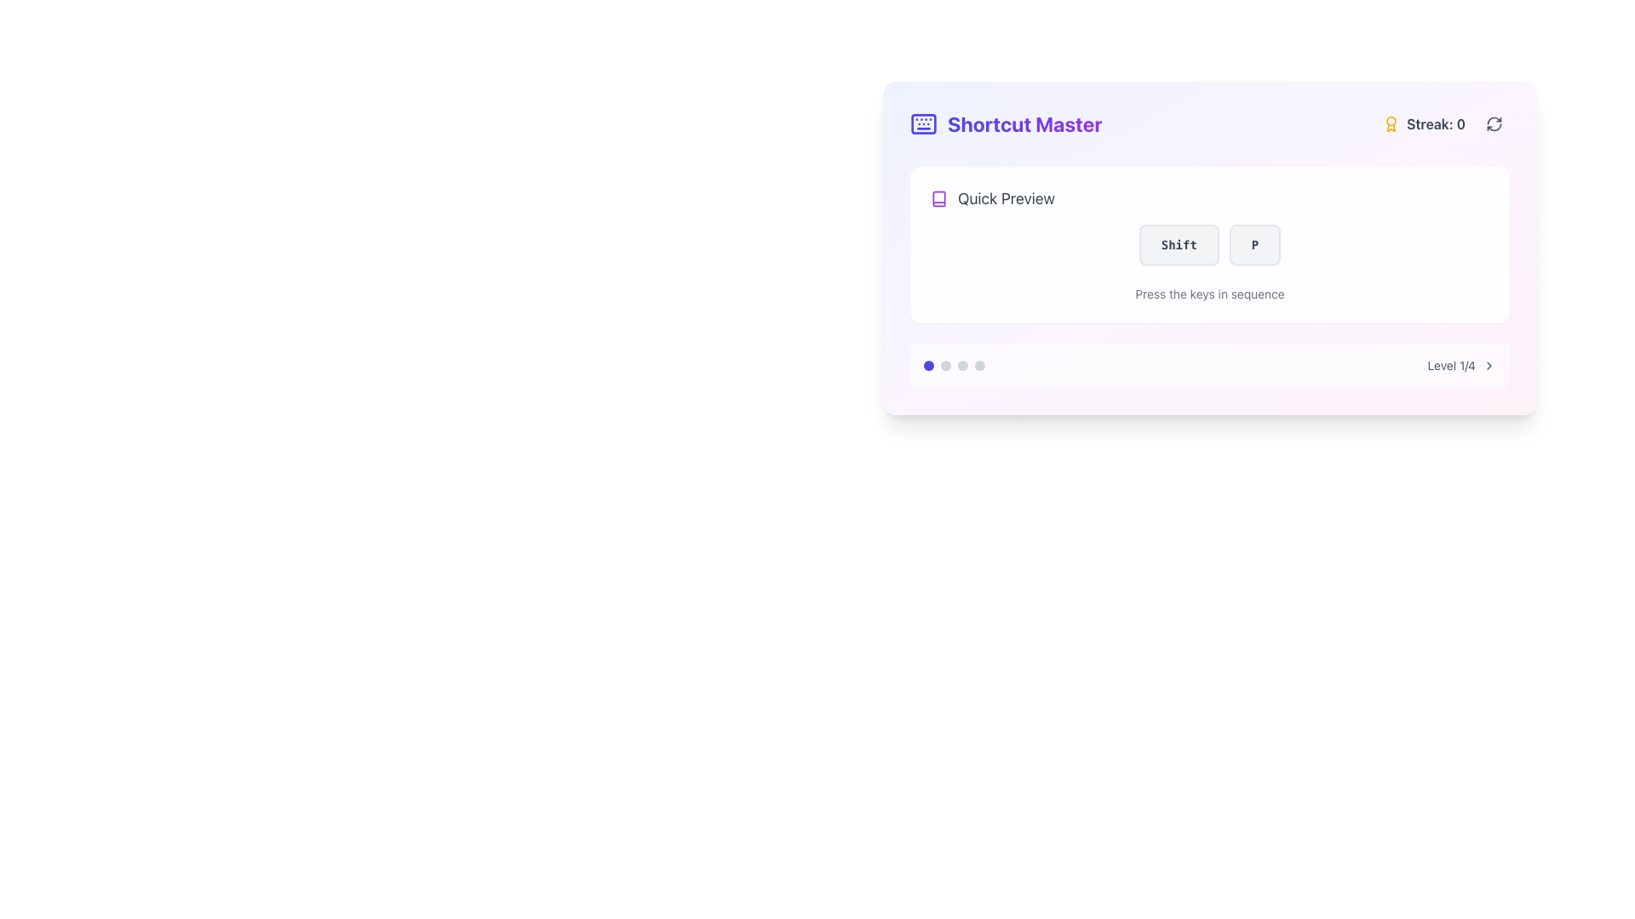 The width and height of the screenshot is (1635, 919). I want to click on the first circular indicator at the bottom of the panel that denotes the current active step, page, or status among multiple options, so click(927, 364).